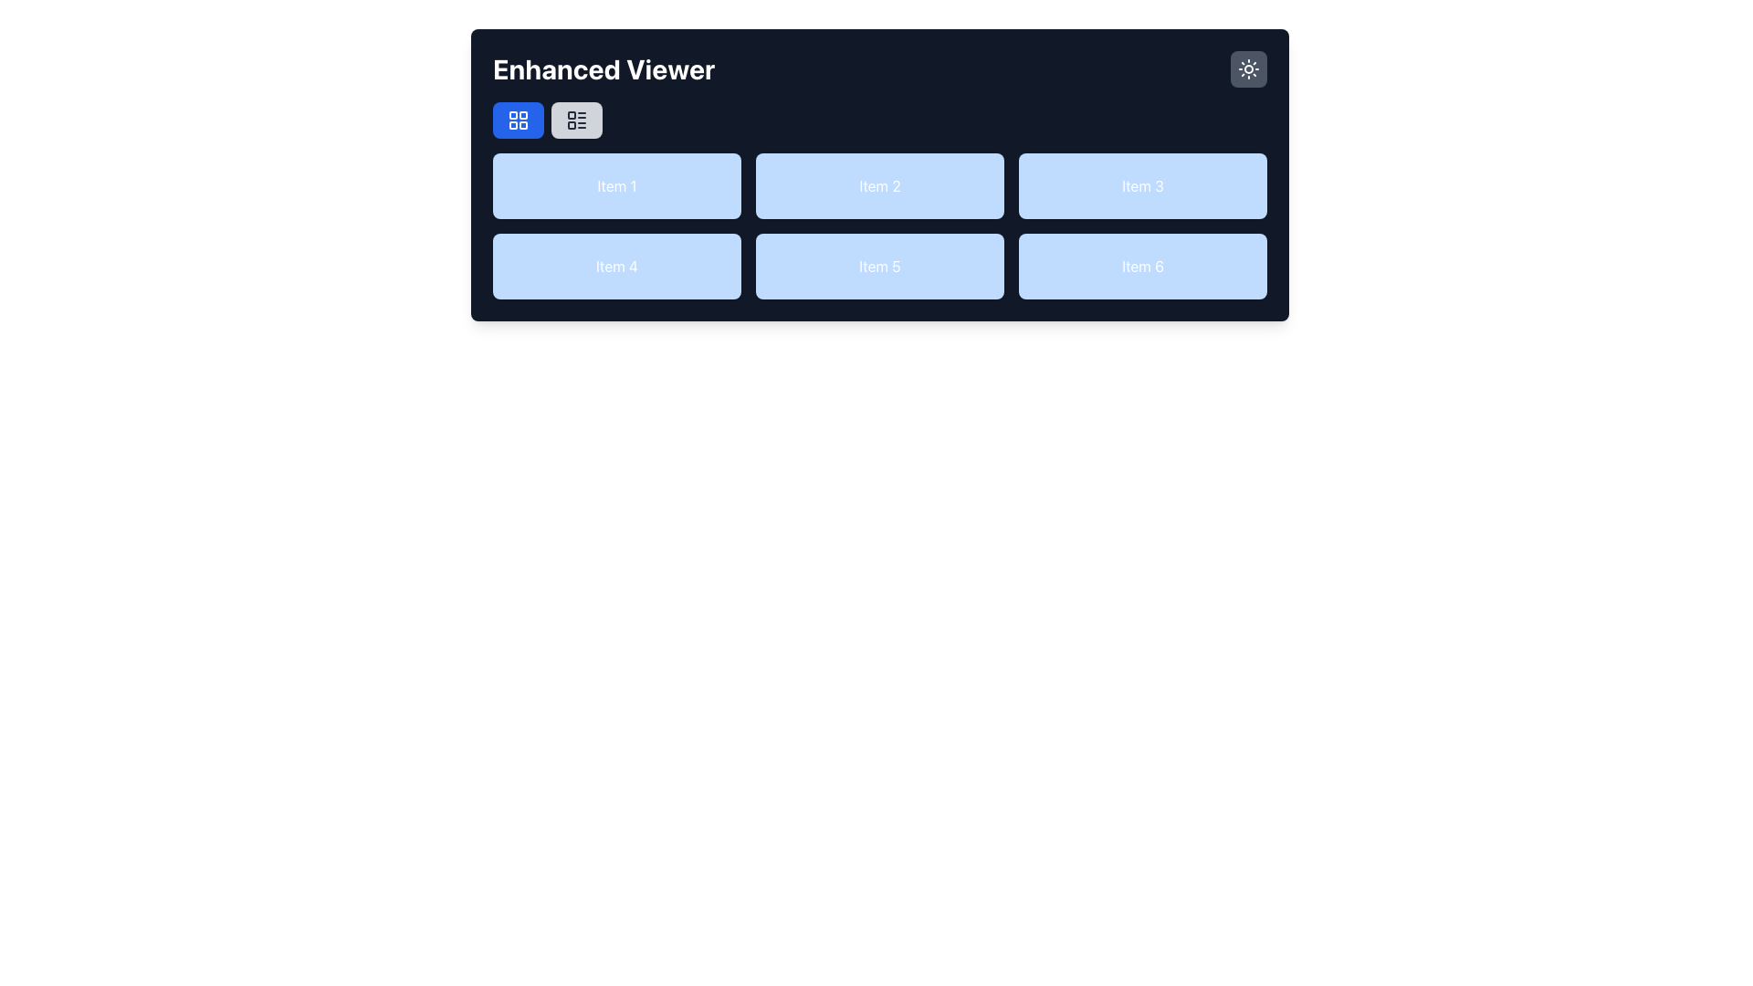 Image resolution: width=1753 pixels, height=986 pixels. What do you see at coordinates (517, 120) in the screenshot?
I see `the grid layout icon, which is a white icon with four small squares on a blue background located in the upper-left region of the interface` at bounding box center [517, 120].